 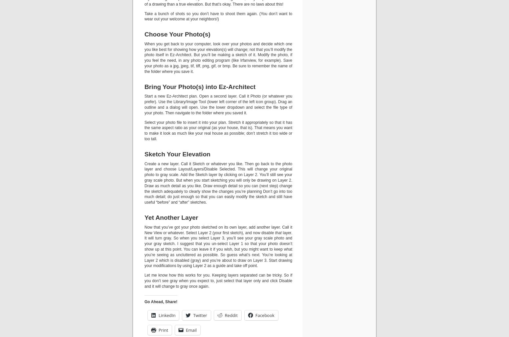 What do you see at coordinates (218, 249) in the screenshot?
I see `'layer. It will turn gray. So when you select Layer 3, you’ll see your gray scale photo and your gray sketch. I suggest that you un-select Layer 1 so that your photo doesn’t show up at this point. You can leave it if you wish, but you might want to keep what you’re seeing as uncluttered as possible. So guess what’s next. You’re looking at Layer 2 which is disabled (gray) and you’re about to draw on Layer 3. Start drawing your modifications by using Layer 2 as a guide and take off point.'` at bounding box center [218, 249].